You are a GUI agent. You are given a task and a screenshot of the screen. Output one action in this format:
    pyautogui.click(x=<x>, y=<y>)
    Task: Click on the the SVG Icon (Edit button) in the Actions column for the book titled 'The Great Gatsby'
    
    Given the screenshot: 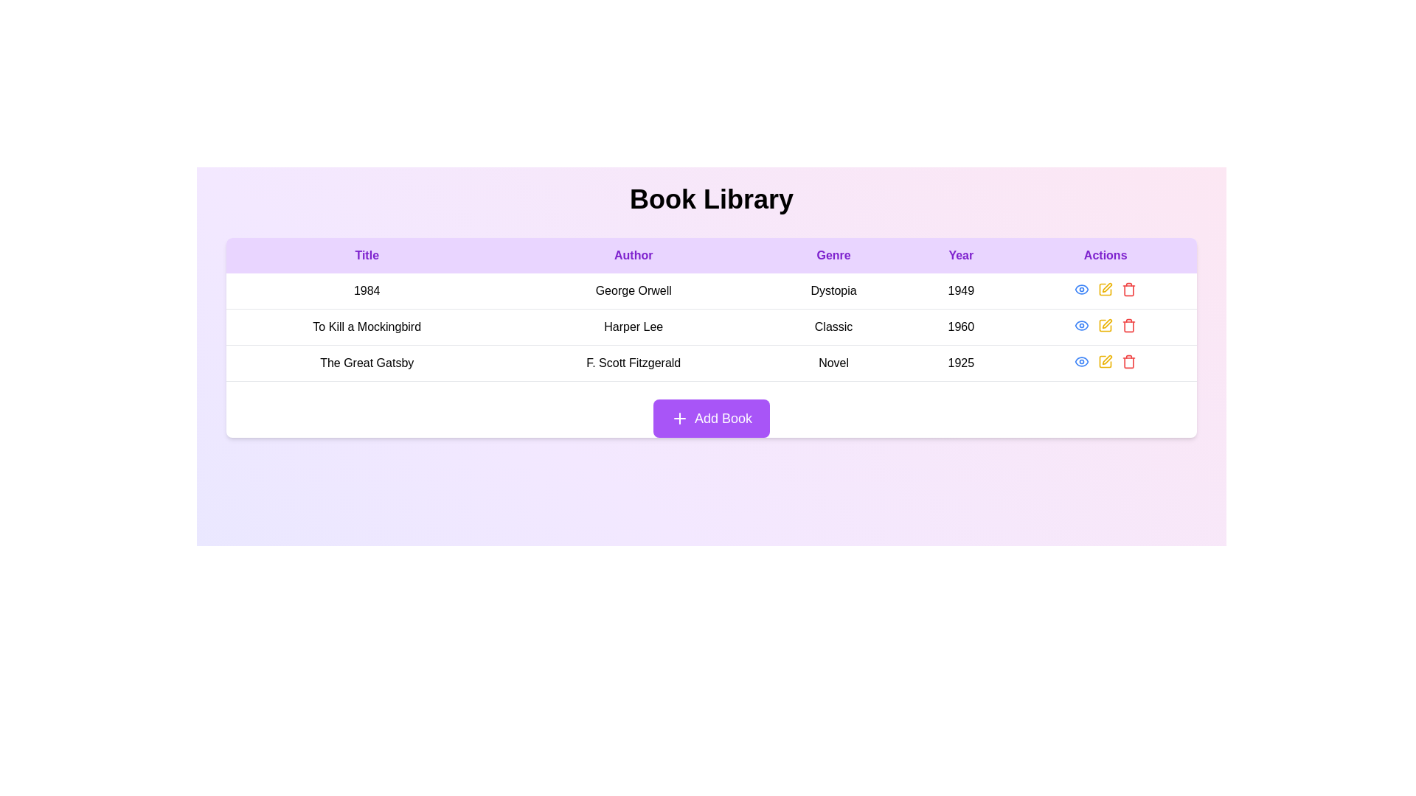 What is the action you would take?
    pyautogui.click(x=1106, y=361)
    